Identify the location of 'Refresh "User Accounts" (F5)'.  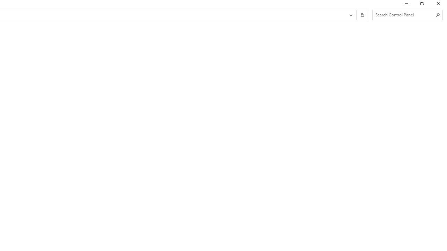
(362, 15).